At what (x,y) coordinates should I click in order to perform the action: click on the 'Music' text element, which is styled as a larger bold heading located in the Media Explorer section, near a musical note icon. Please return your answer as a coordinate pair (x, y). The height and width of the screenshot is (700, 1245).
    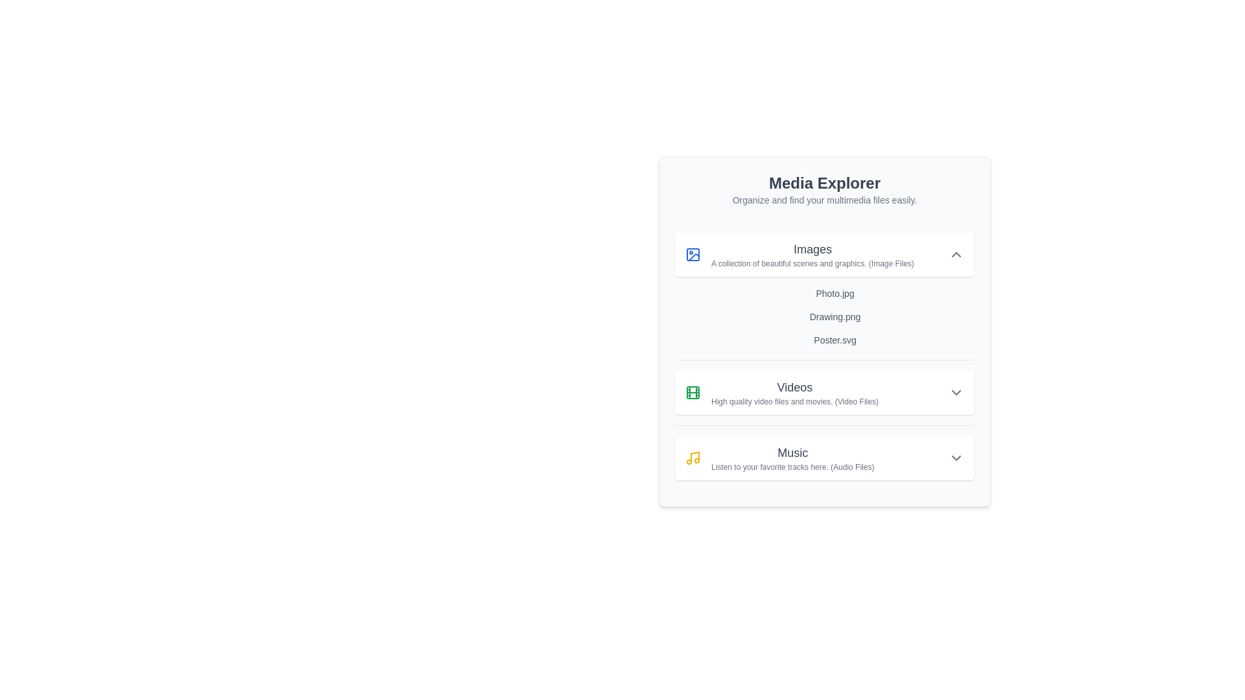
    Looking at the image, I should click on (792, 452).